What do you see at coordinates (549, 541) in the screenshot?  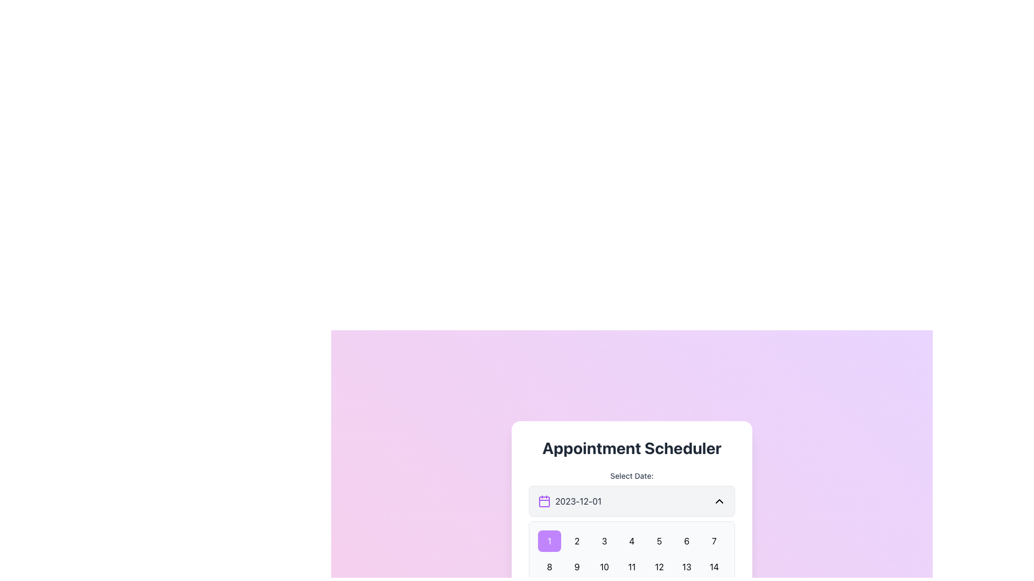 I see `the first button in the top-left corner of the calendar interface, which allows users to select the first day` at bounding box center [549, 541].